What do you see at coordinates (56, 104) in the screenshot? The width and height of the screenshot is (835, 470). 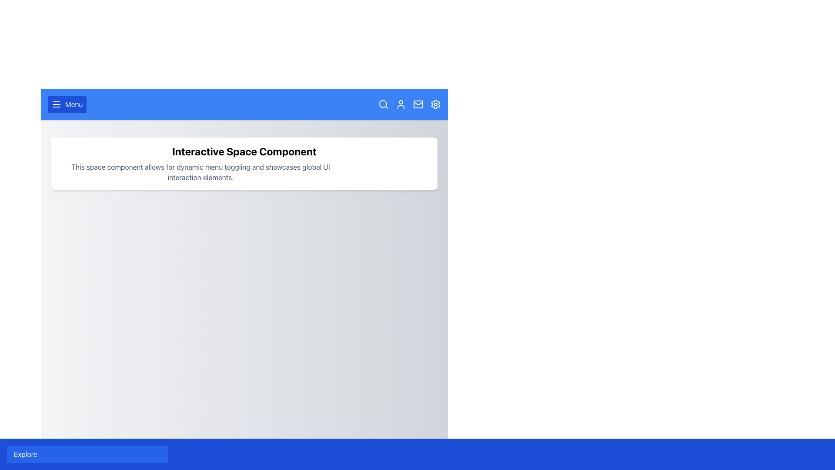 I see `the navigation menu icon, which consists of three horizontal white lines on a blue background` at bounding box center [56, 104].